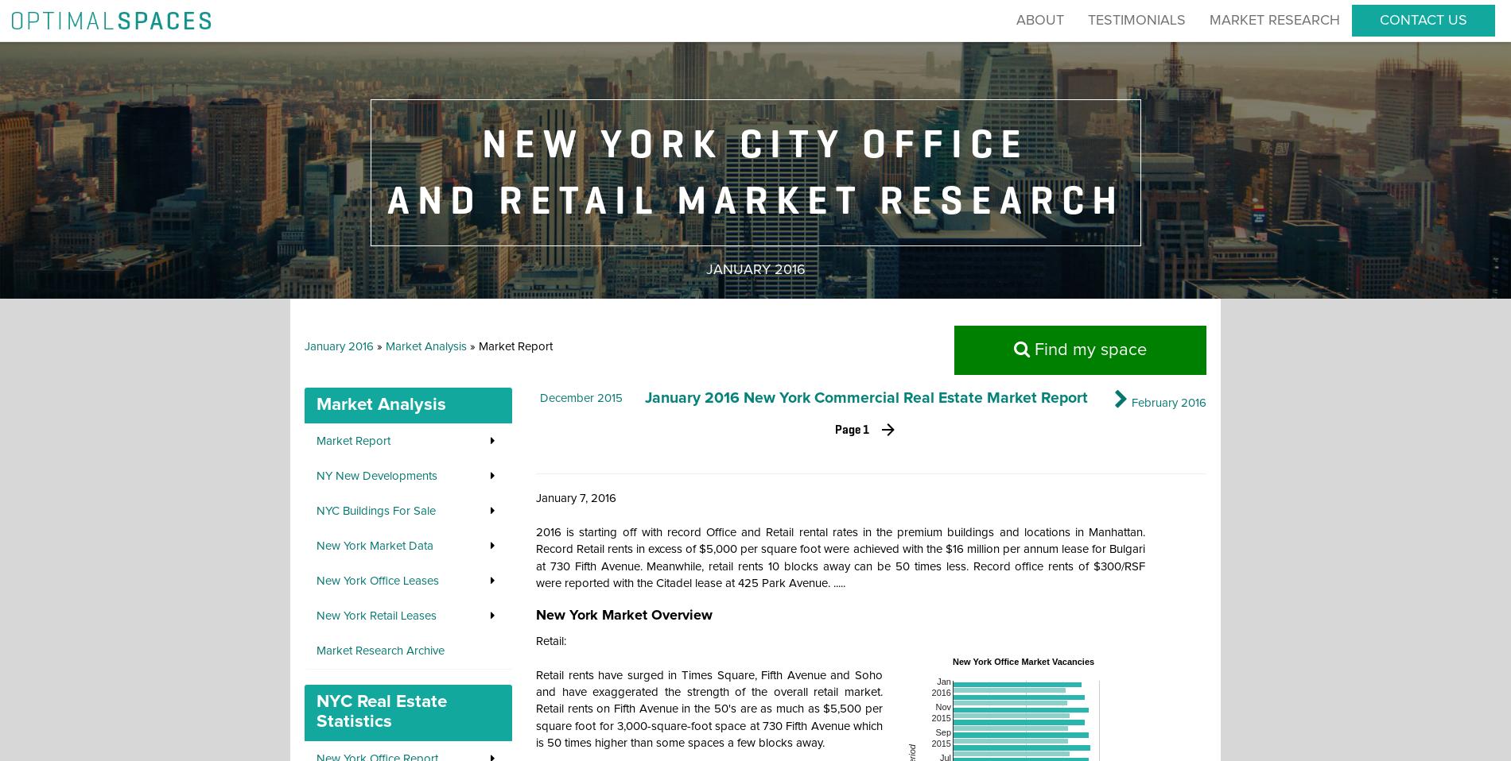 This screenshot has height=761, width=1511. I want to click on 'New York Office Market Vacancies', so click(951, 660).